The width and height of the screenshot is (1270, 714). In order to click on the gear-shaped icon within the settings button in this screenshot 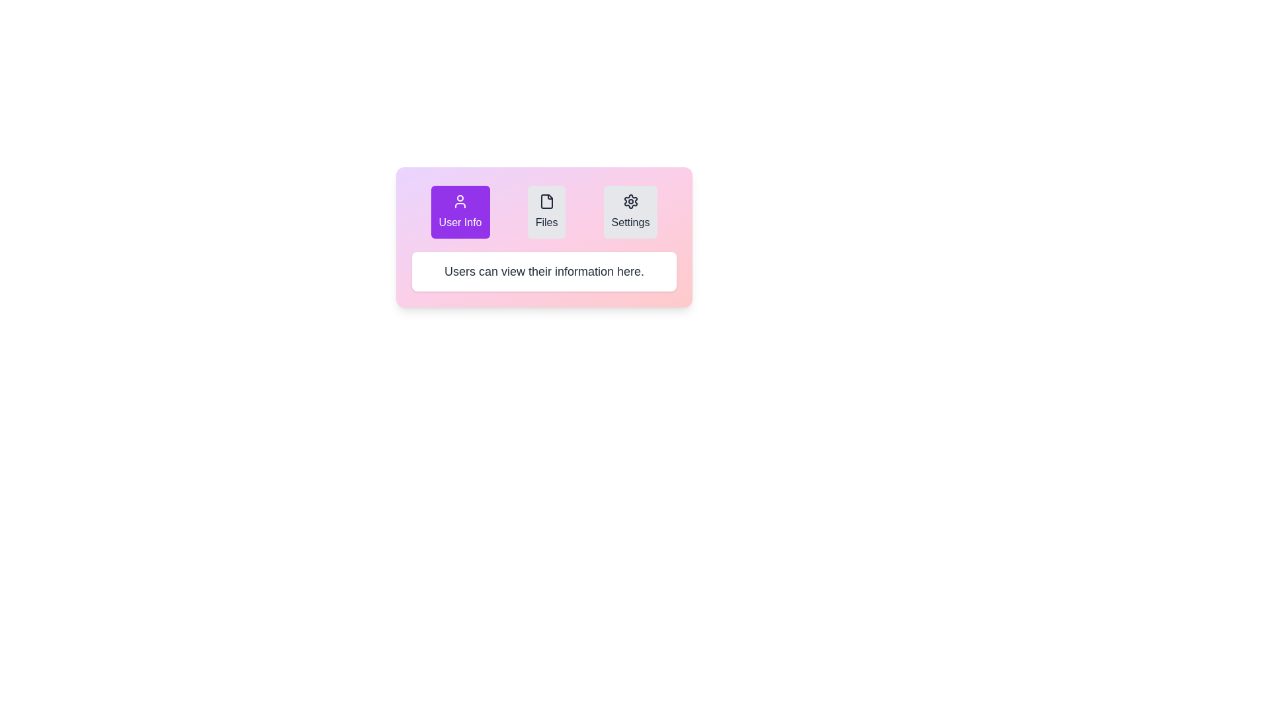, I will do `click(630, 201)`.